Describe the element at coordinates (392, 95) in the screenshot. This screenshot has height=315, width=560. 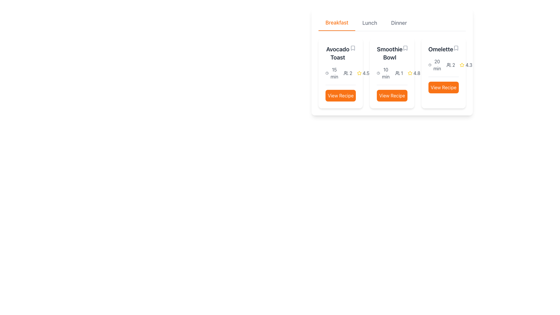
I see `the 'View Recipe' button, which is a bright orange rounded rectangular button located in the middle section of the interface, to change its background color to a darker shade` at that location.